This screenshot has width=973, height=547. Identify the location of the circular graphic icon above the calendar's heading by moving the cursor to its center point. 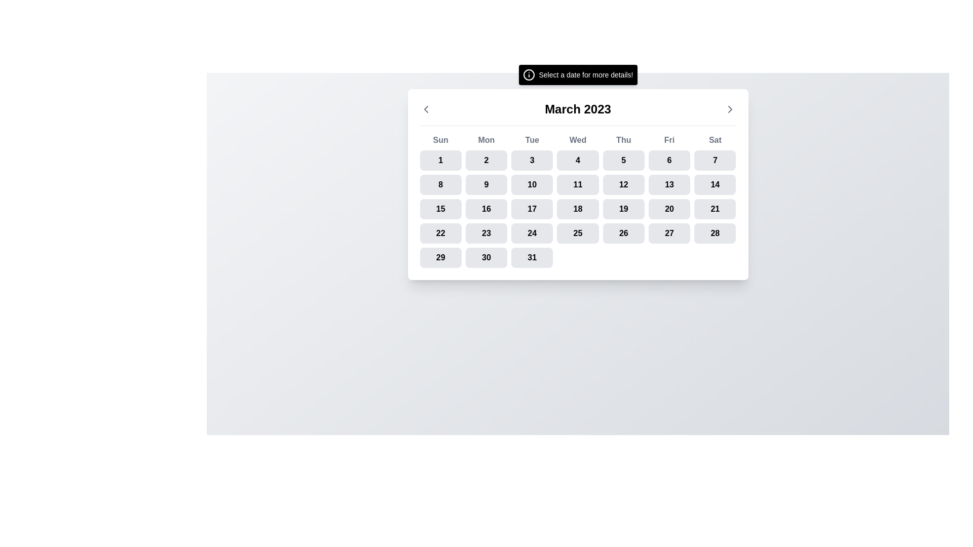
(528, 74).